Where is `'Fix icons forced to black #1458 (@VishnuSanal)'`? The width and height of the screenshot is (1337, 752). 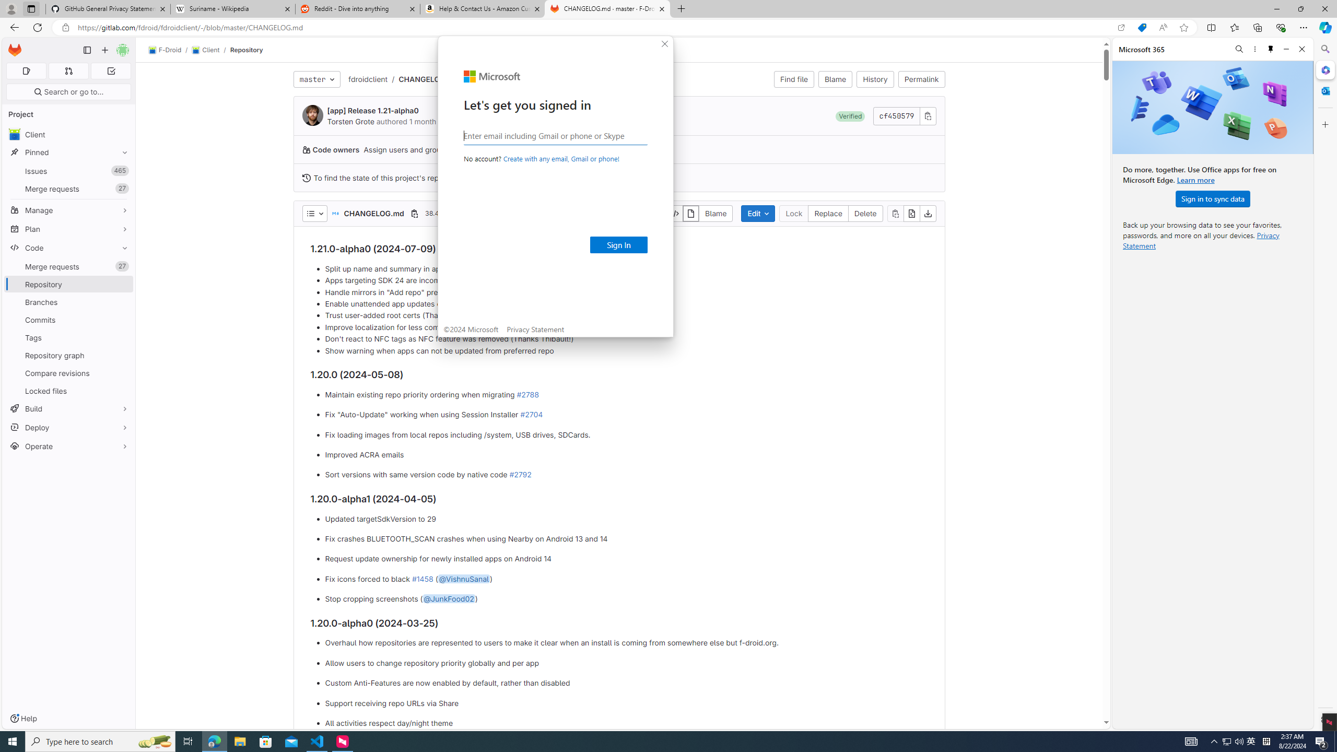
'Fix icons forced to black #1458 (@VishnuSanal)' is located at coordinates (626, 578).